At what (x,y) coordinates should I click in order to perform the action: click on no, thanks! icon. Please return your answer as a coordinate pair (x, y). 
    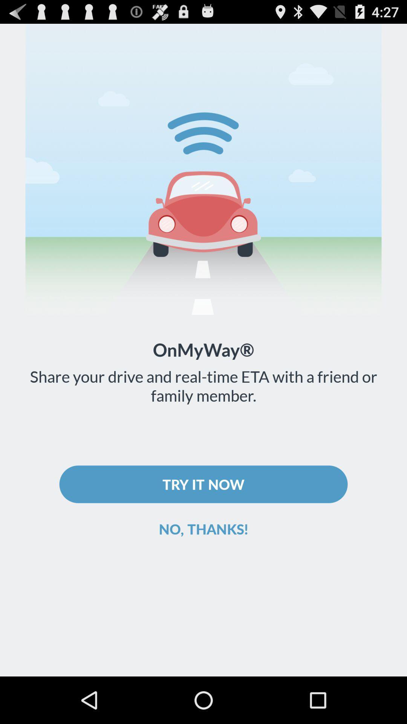
    Looking at the image, I should click on (203, 528).